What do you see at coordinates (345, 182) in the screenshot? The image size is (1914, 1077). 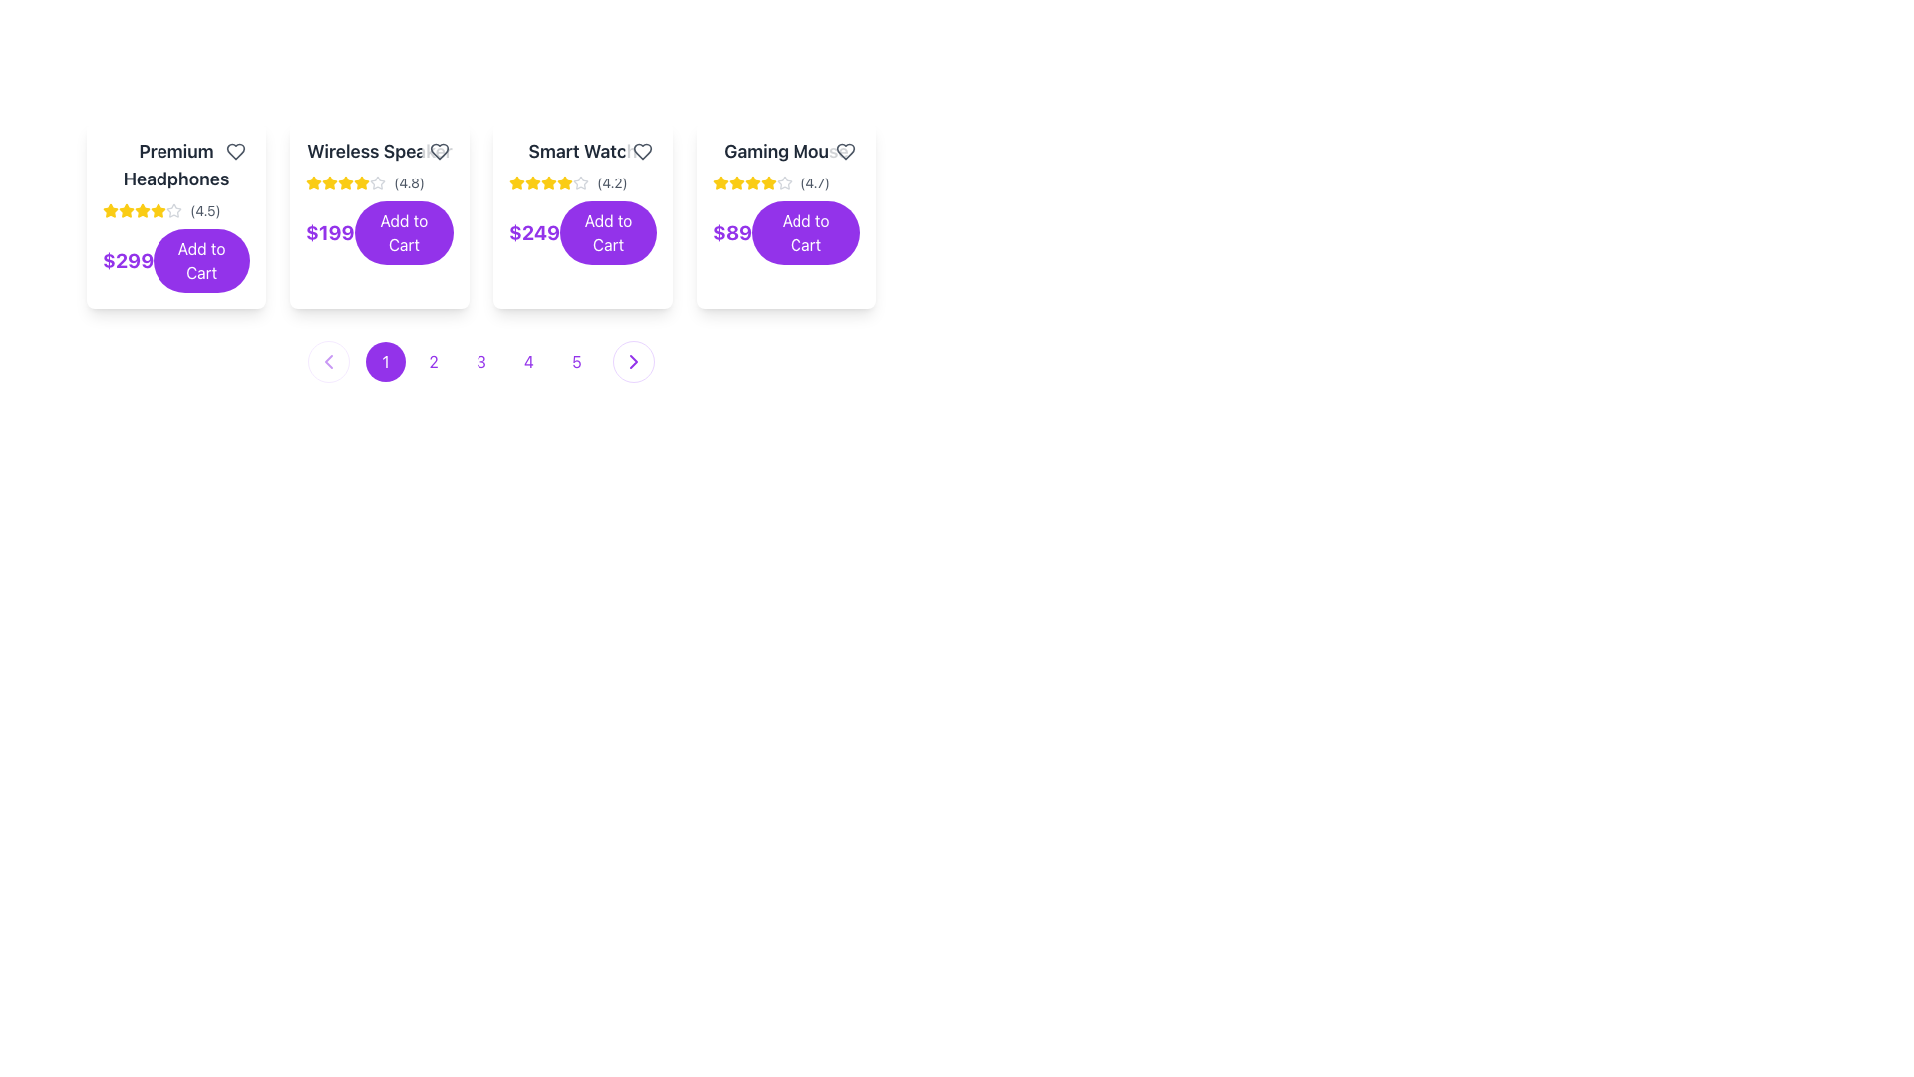 I see `the second filled star icon in the rating section of the Wireless Speaker product card to interact with the rating system` at bounding box center [345, 182].